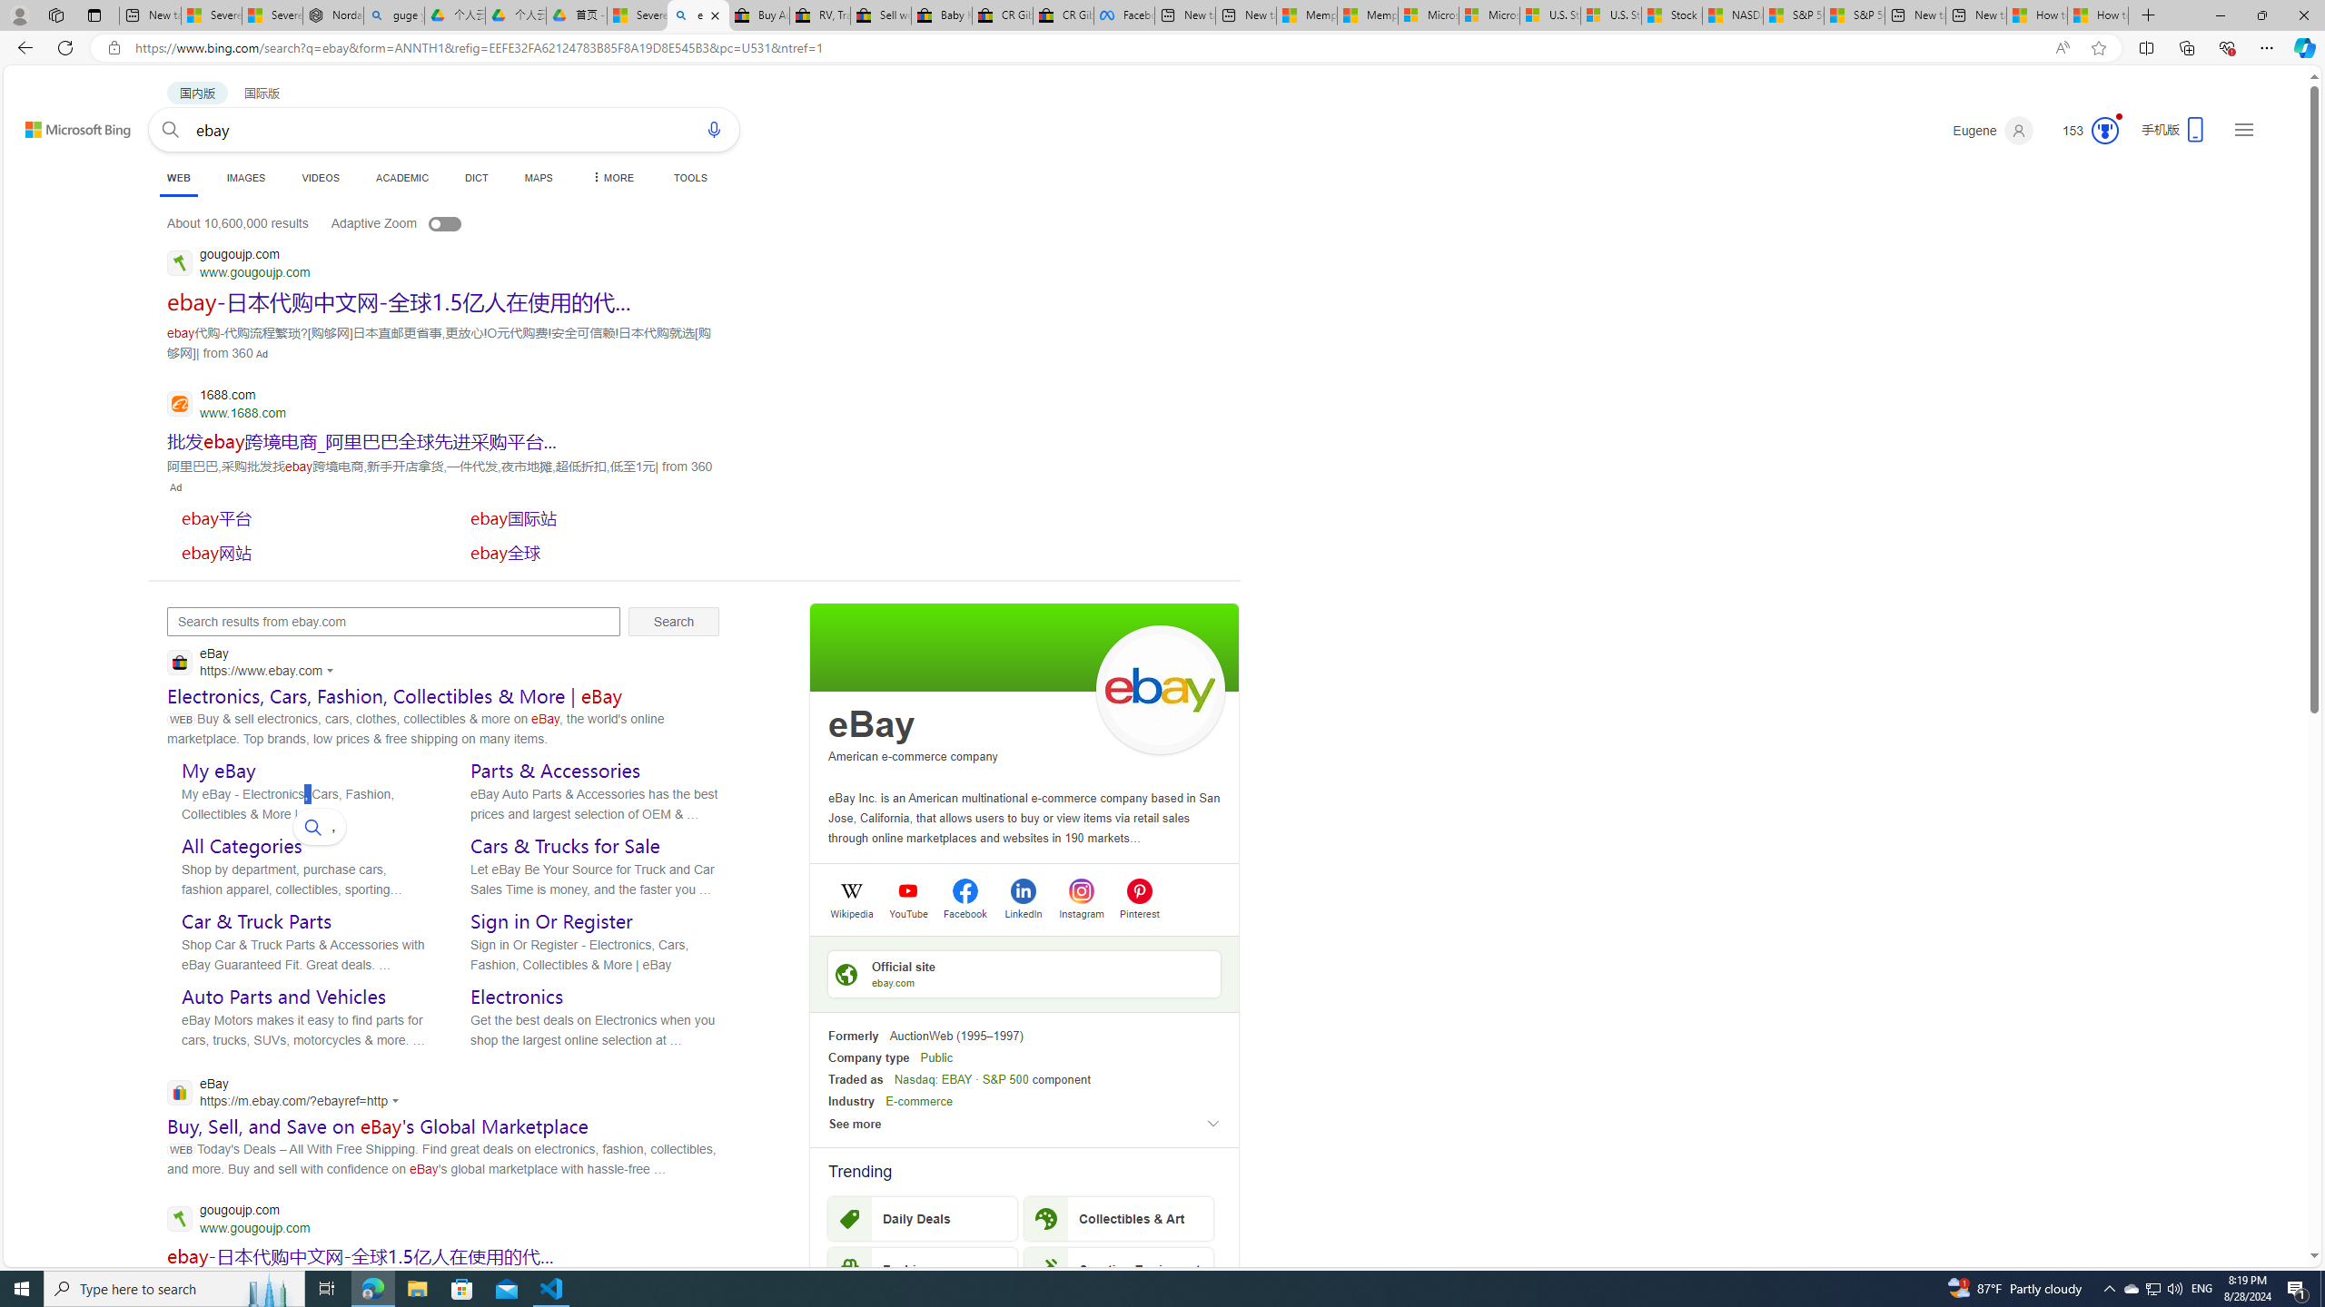  I want to click on 'Public', so click(936, 1056).